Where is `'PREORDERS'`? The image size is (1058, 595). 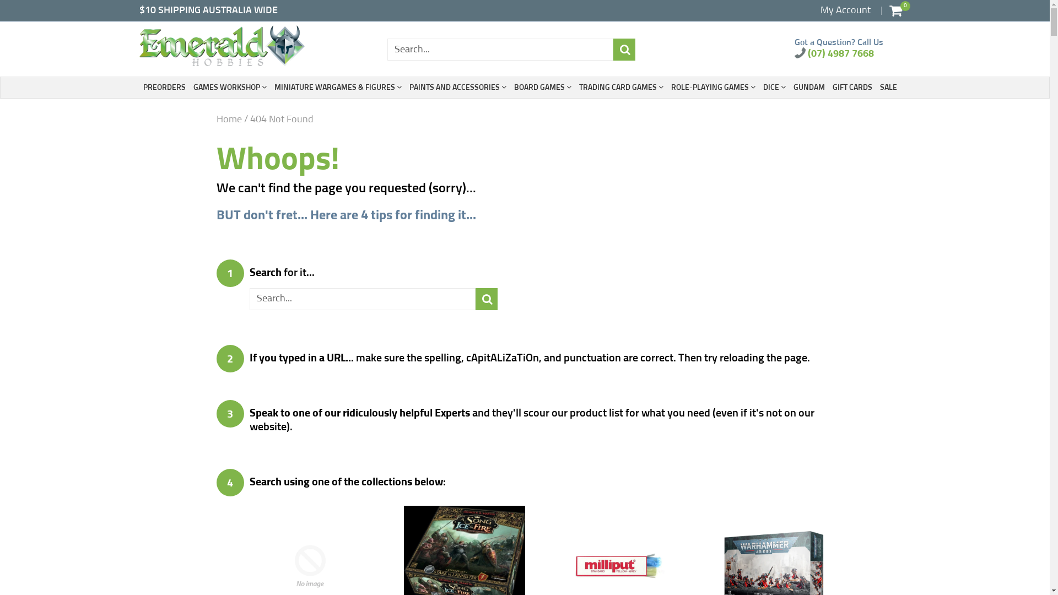
'PREORDERS' is located at coordinates (164, 86).